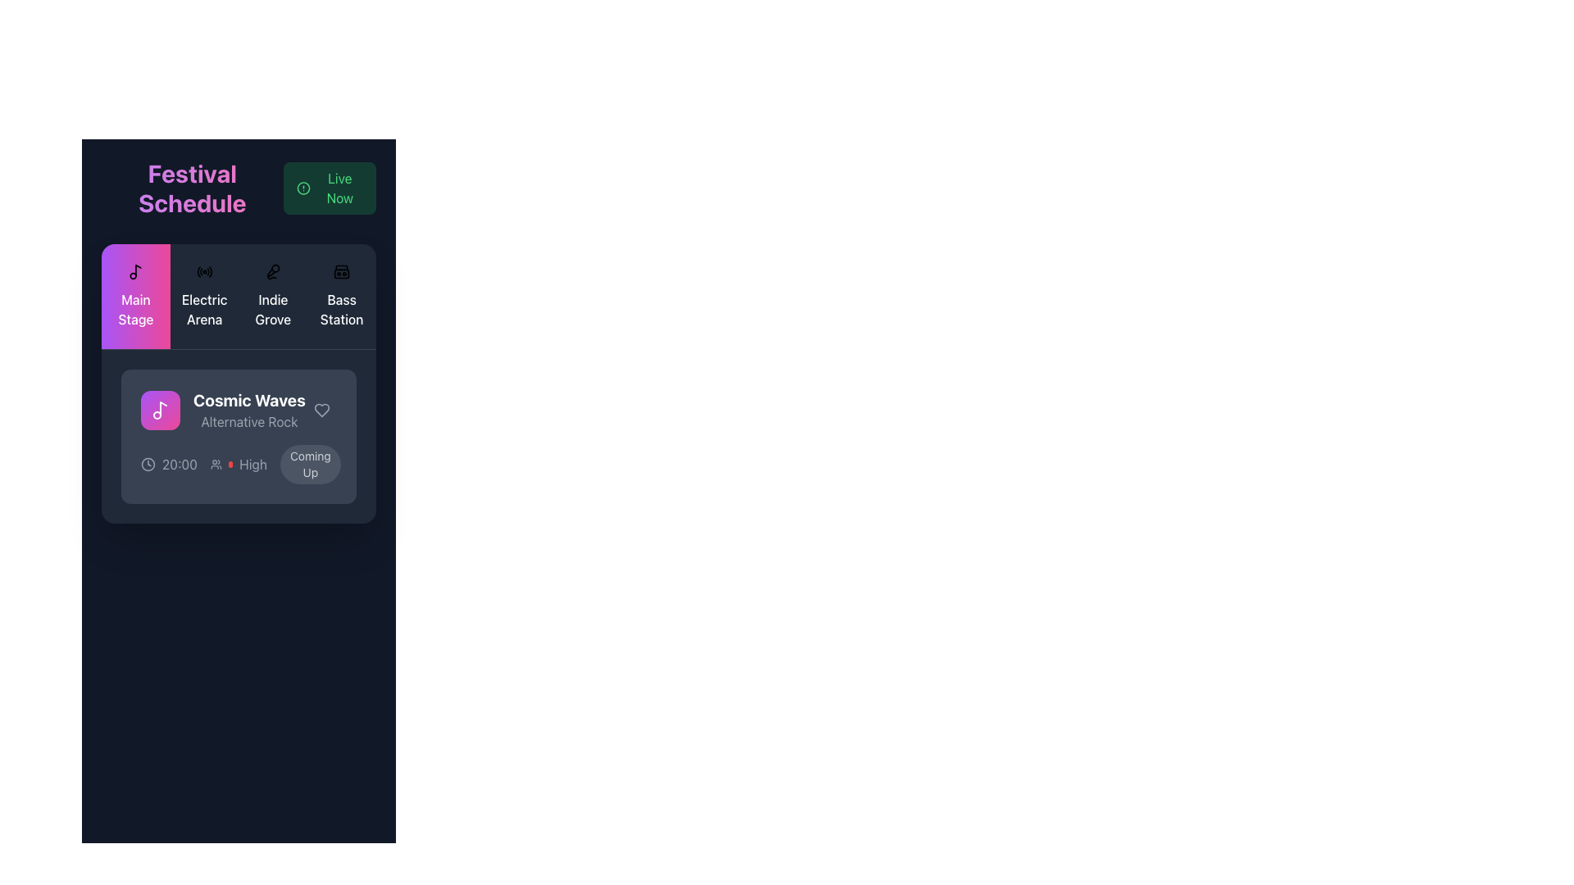 This screenshot has height=885, width=1574. Describe the element at coordinates (341, 310) in the screenshot. I see `the 'Bass Station' stage label in the schedule navigation interface, which is the last element in a vertical list of stage labels` at that location.